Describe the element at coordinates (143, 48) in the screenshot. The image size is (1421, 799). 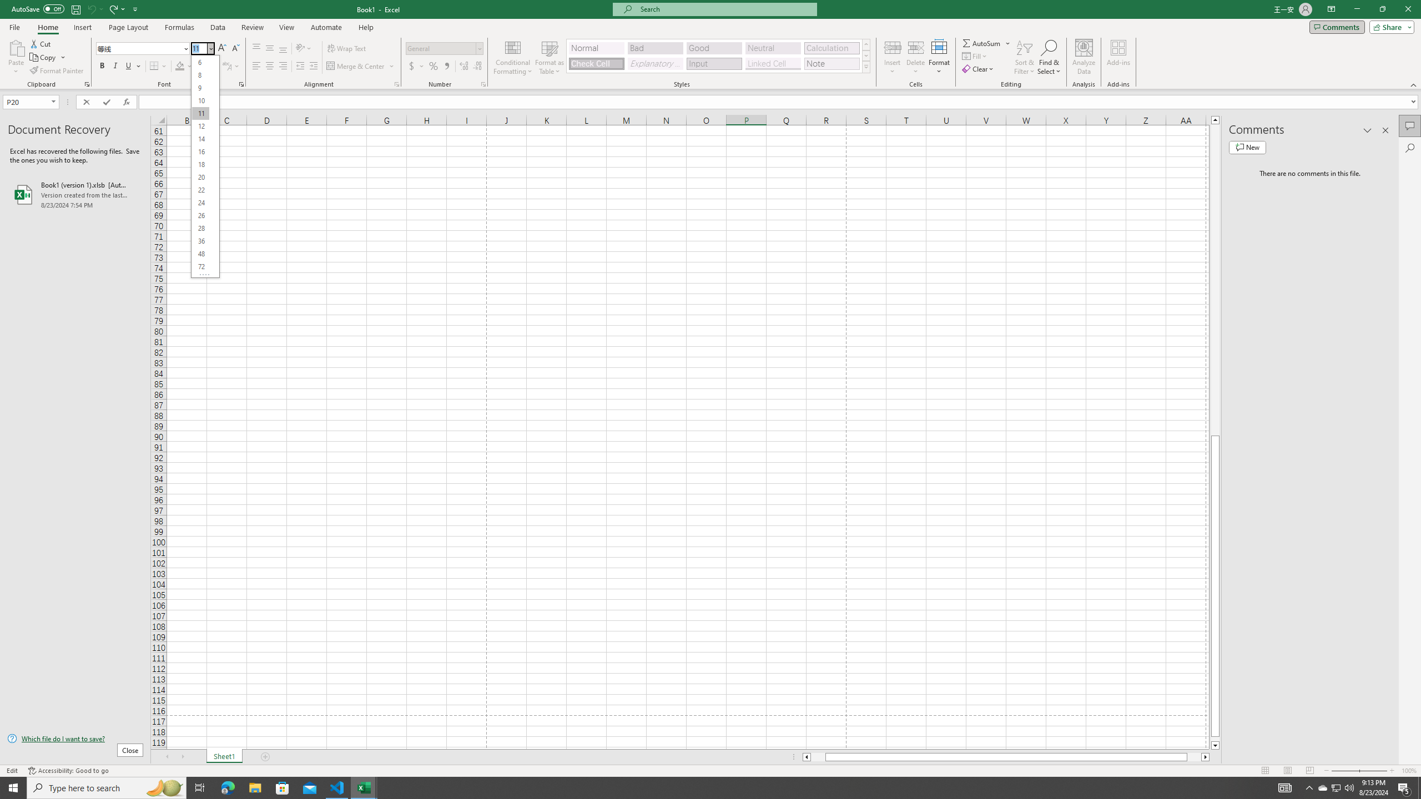
I see `'Font'` at that location.